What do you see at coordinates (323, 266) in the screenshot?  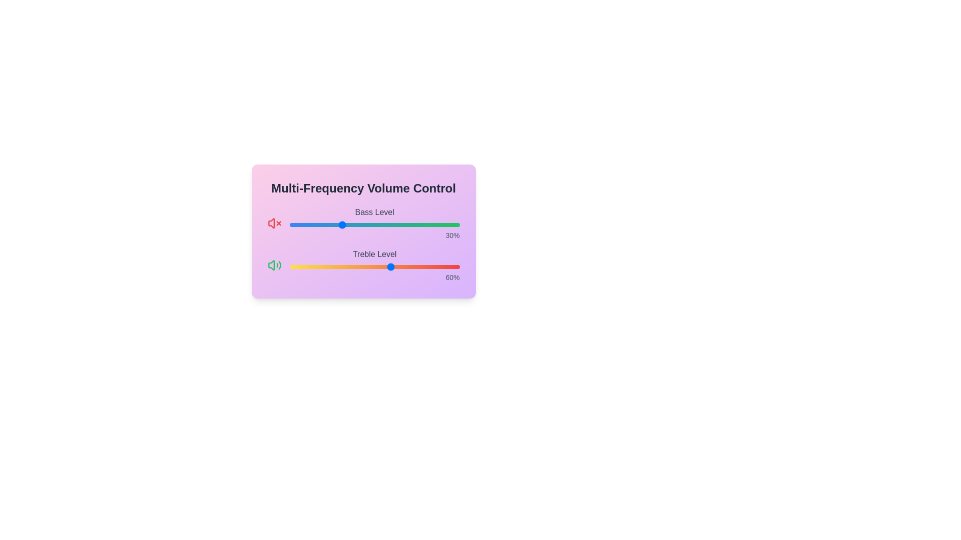 I see `the treble slider to set the treble level to 20` at bounding box center [323, 266].